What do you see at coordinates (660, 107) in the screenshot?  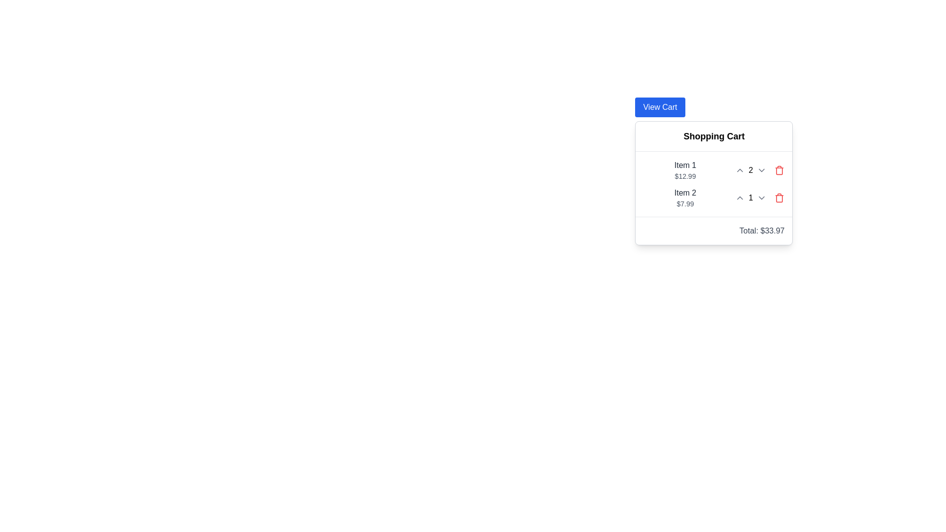 I see `the 'View Cart' button, which has a blue filled background and white text` at bounding box center [660, 107].